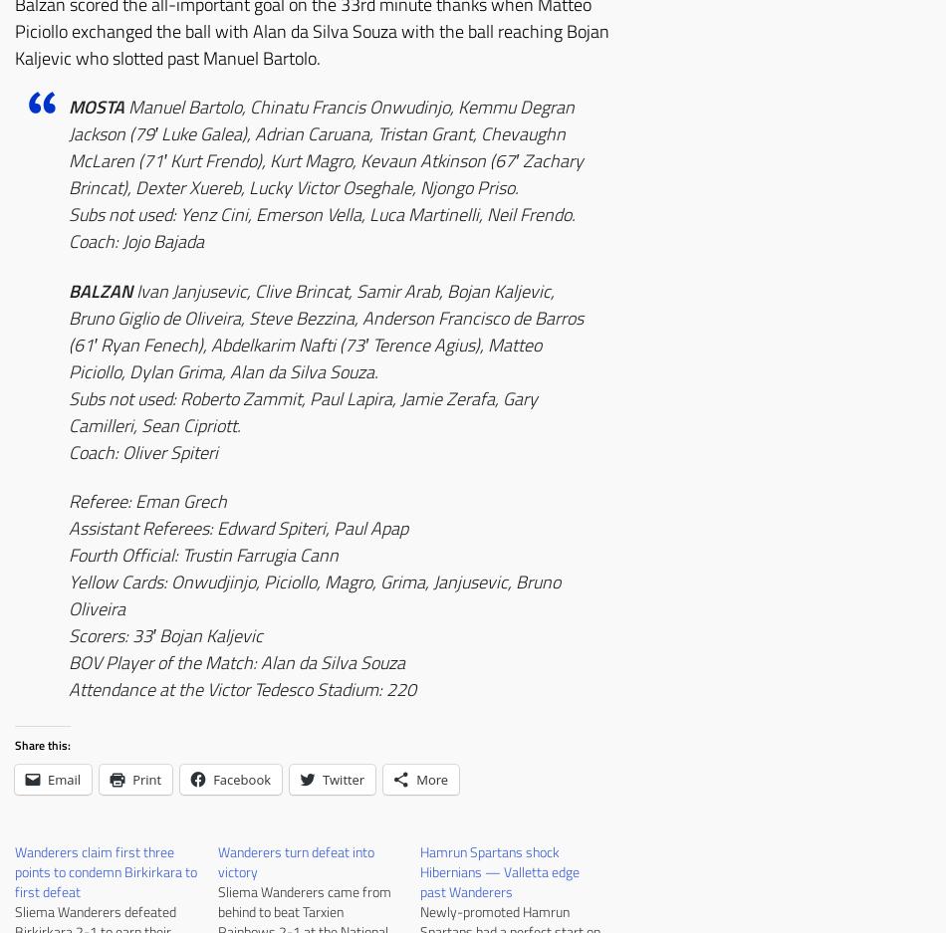  What do you see at coordinates (313, 593) in the screenshot?
I see `'Yellow Cards: Onwudjinjo, Piciollo, Magro, Grima, Janjusevic, Bruno Oliveira'` at bounding box center [313, 593].